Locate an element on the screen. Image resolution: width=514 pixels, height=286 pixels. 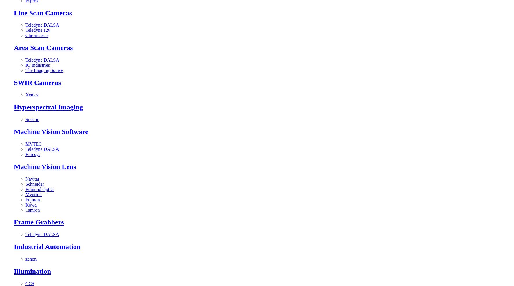
'Specim' is located at coordinates (25, 119).